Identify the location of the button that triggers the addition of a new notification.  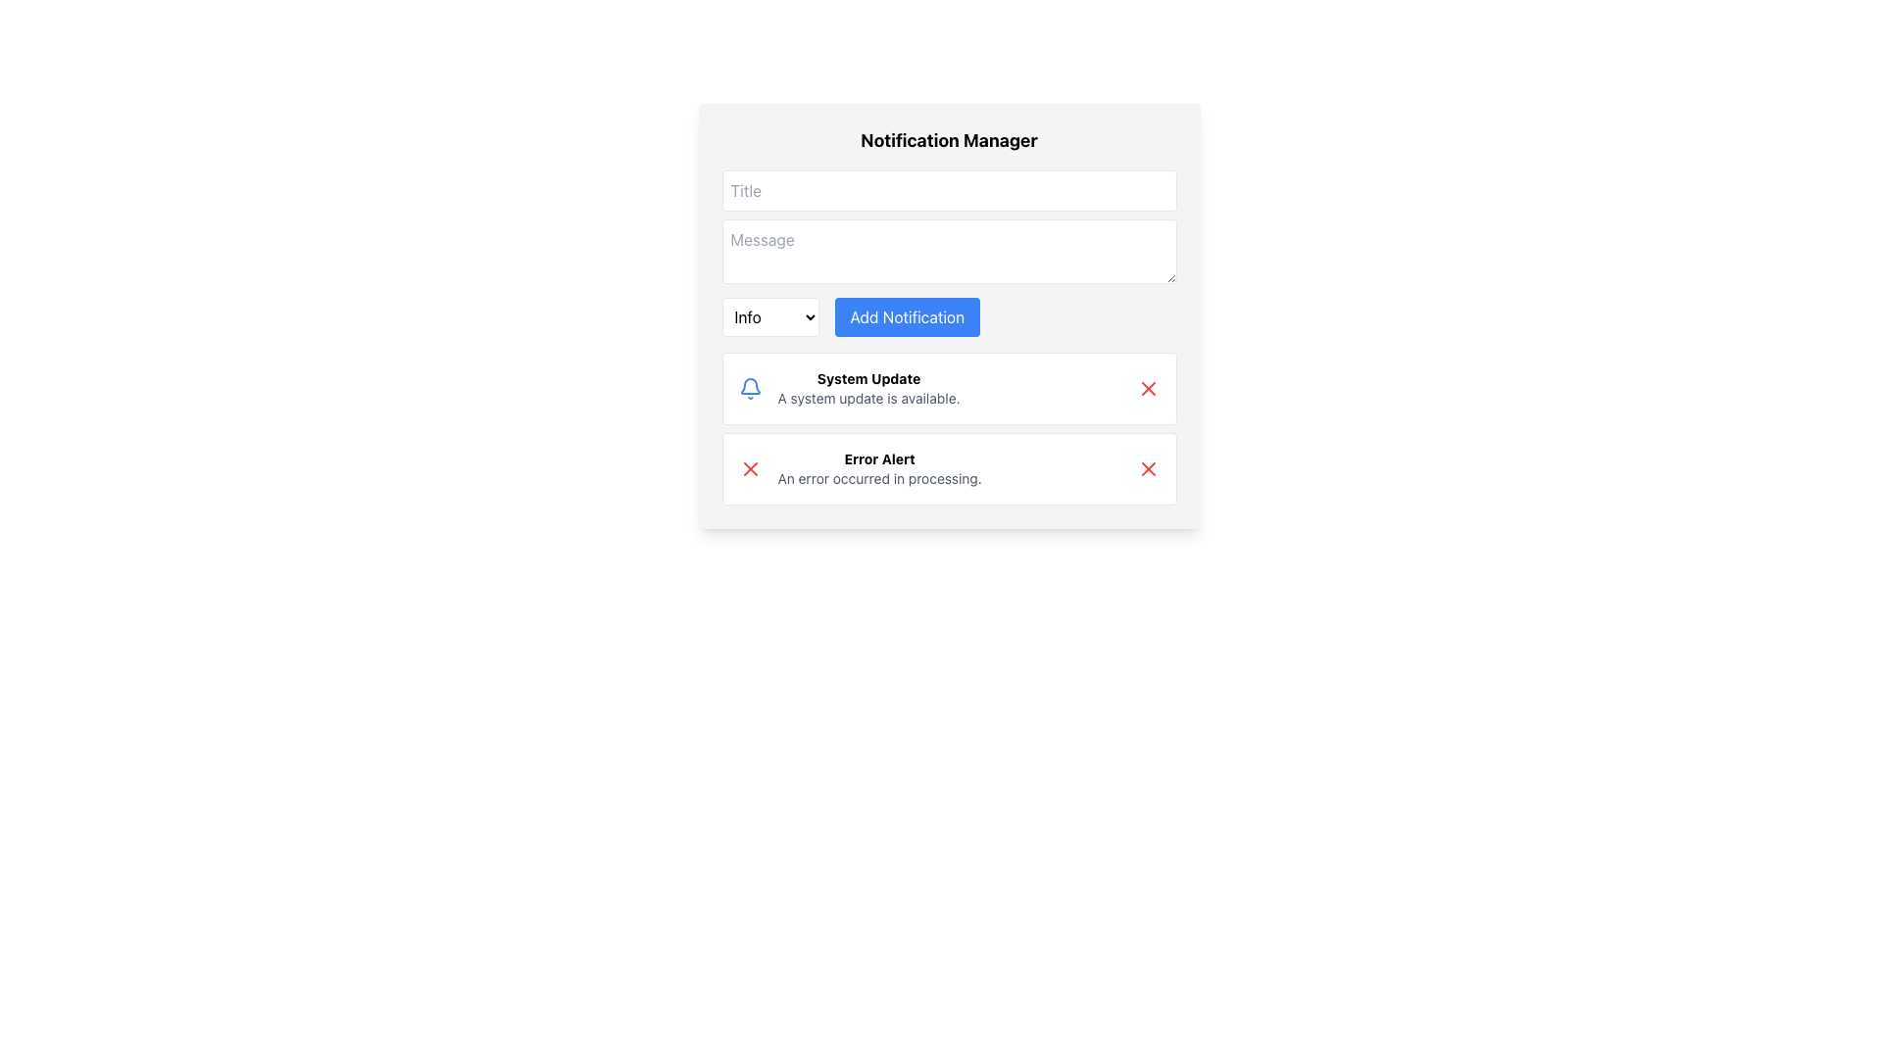
(906, 316).